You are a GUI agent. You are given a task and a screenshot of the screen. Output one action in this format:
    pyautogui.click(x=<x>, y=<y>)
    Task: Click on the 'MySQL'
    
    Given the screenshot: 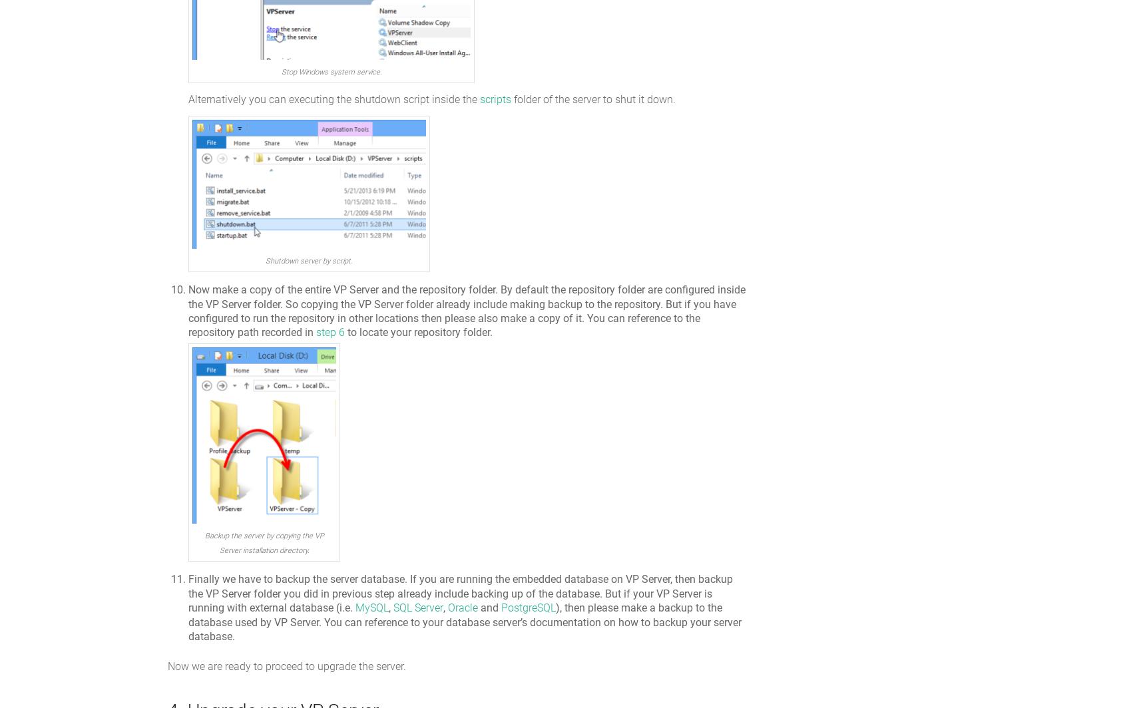 What is the action you would take?
    pyautogui.click(x=371, y=608)
    